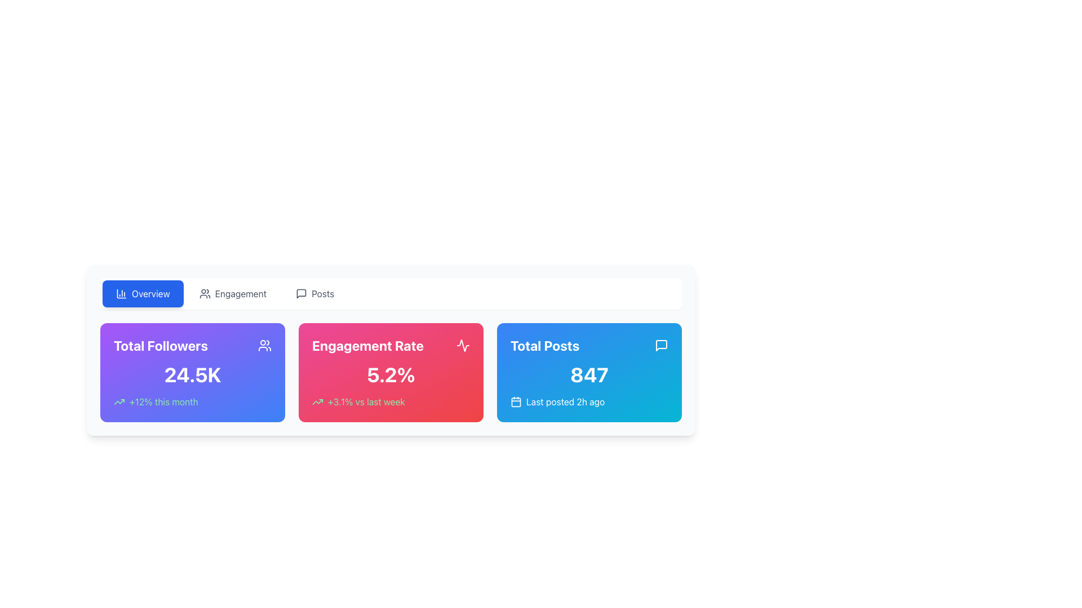 The height and width of the screenshot is (608, 1082). I want to click on the small outlined activity icon resembling a graph or waveform, located in the top-right corner of the 'Engagement Rate' card, so click(463, 345).